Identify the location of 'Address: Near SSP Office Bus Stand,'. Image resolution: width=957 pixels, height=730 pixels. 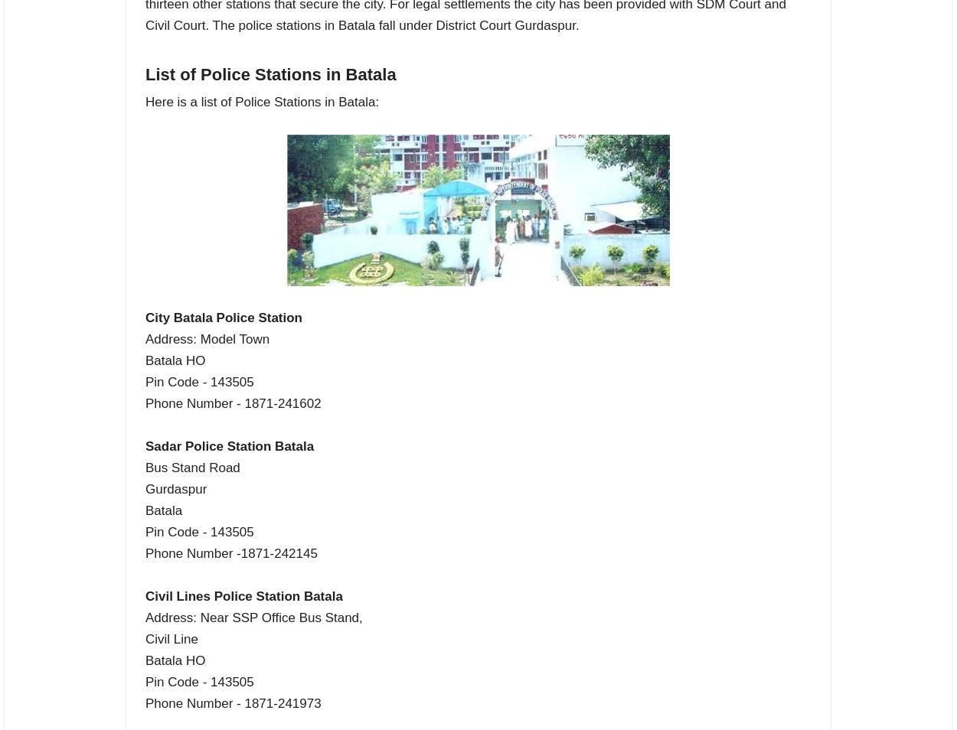
(145, 617).